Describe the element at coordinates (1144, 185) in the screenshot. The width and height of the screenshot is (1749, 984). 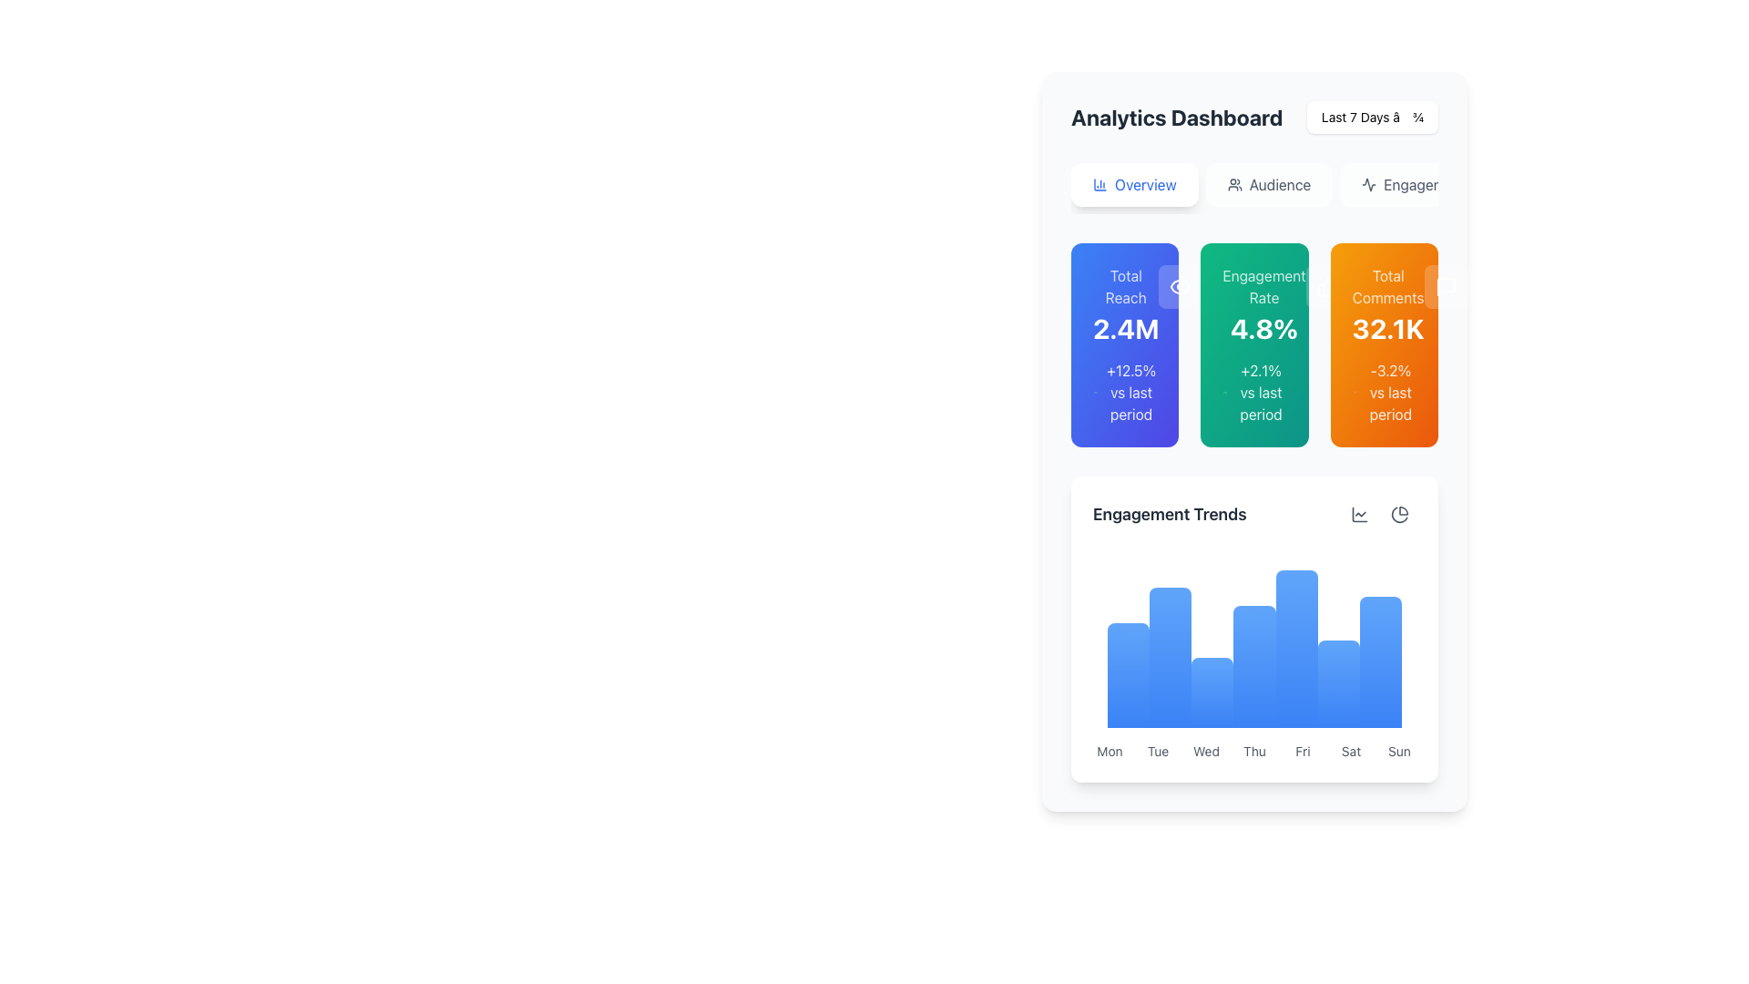
I see `the 'Overview' button, which is a text-based UI button with a blue font and a bar chart icon, located in the navigation area of the Analytics Dashboard` at that location.